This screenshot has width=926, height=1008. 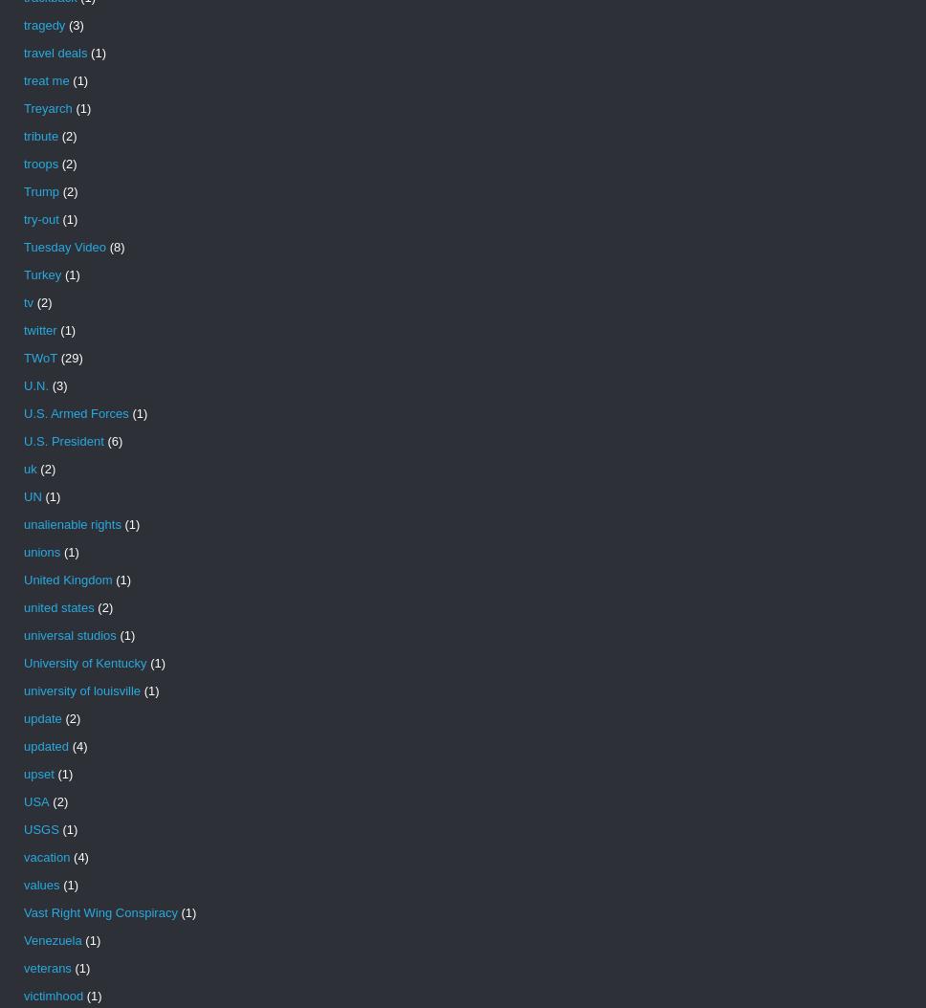 I want to click on 'University of Kentucky', so click(x=23, y=662).